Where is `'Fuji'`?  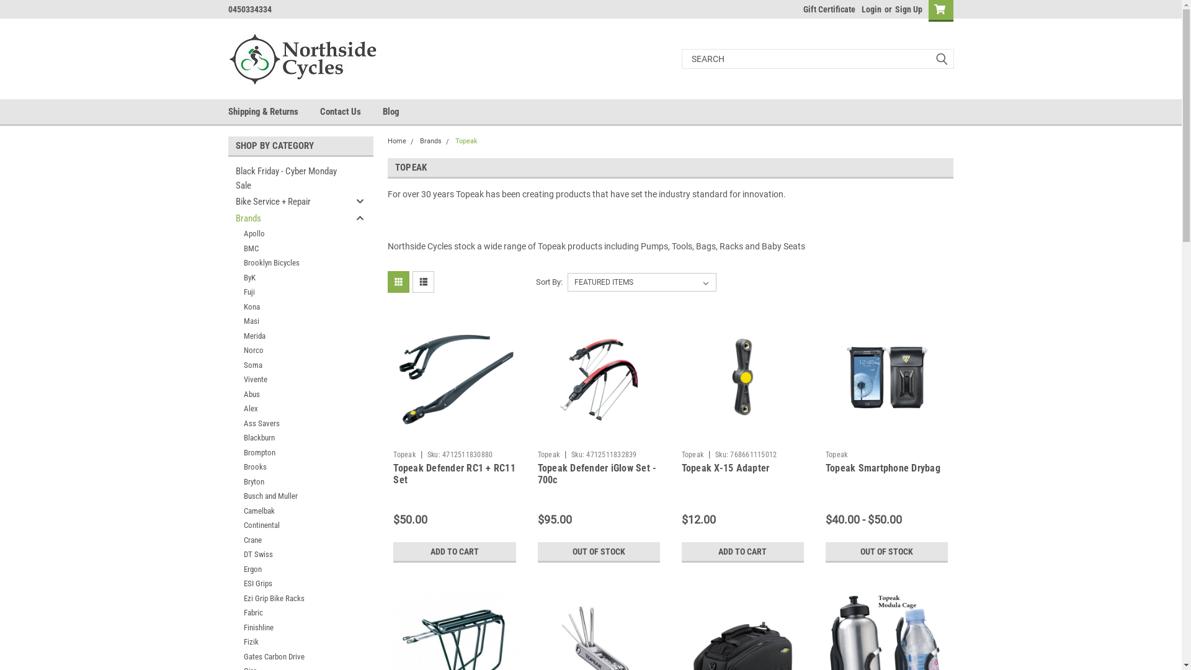 'Fuji' is located at coordinates (289, 292).